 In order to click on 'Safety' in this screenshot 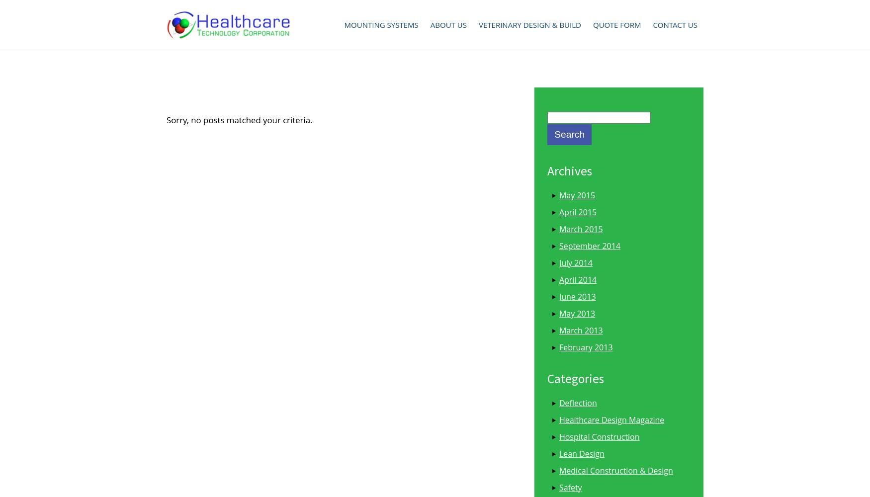, I will do `click(569, 487)`.